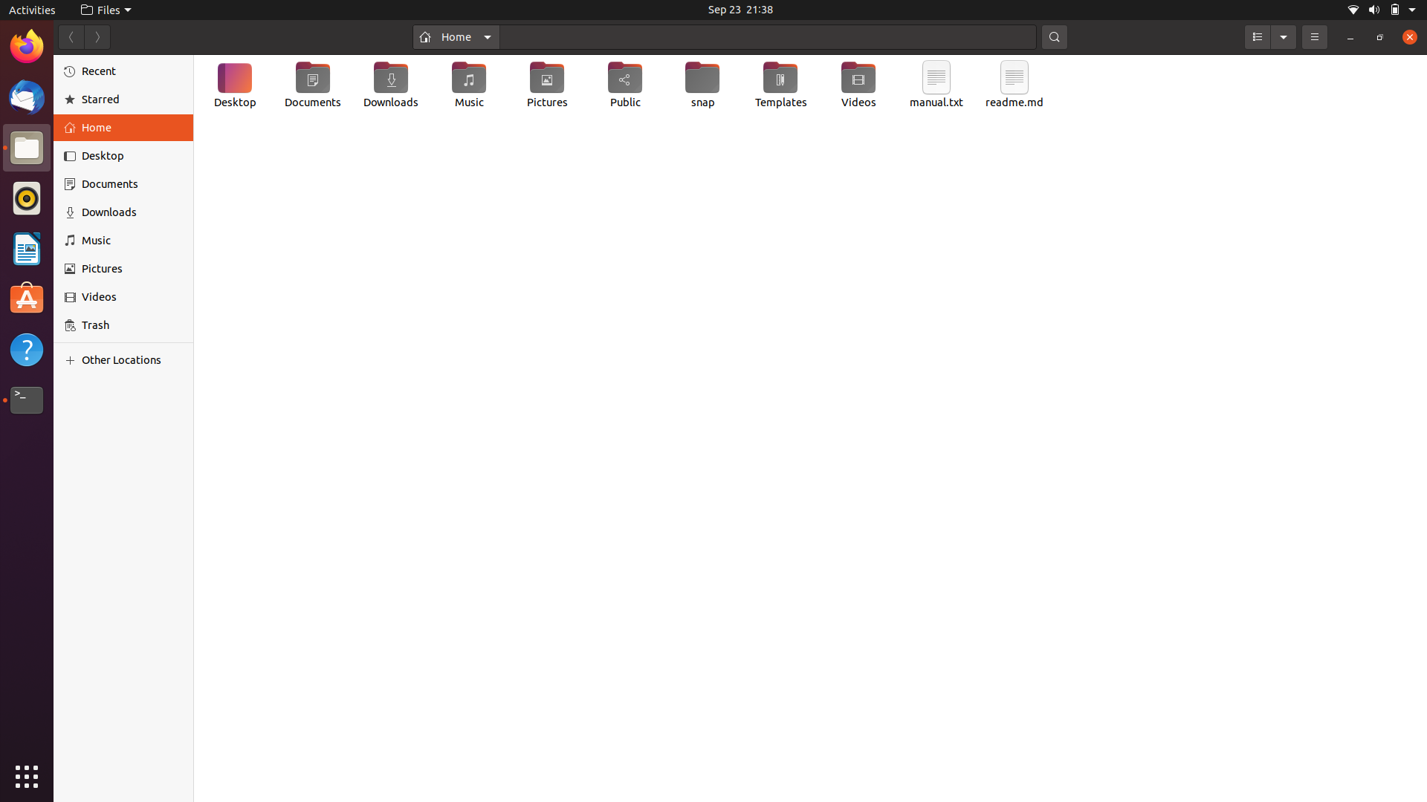 The height and width of the screenshot is (802, 1427). I want to click on Opt for the "List View" presentation, so click(1256, 36).